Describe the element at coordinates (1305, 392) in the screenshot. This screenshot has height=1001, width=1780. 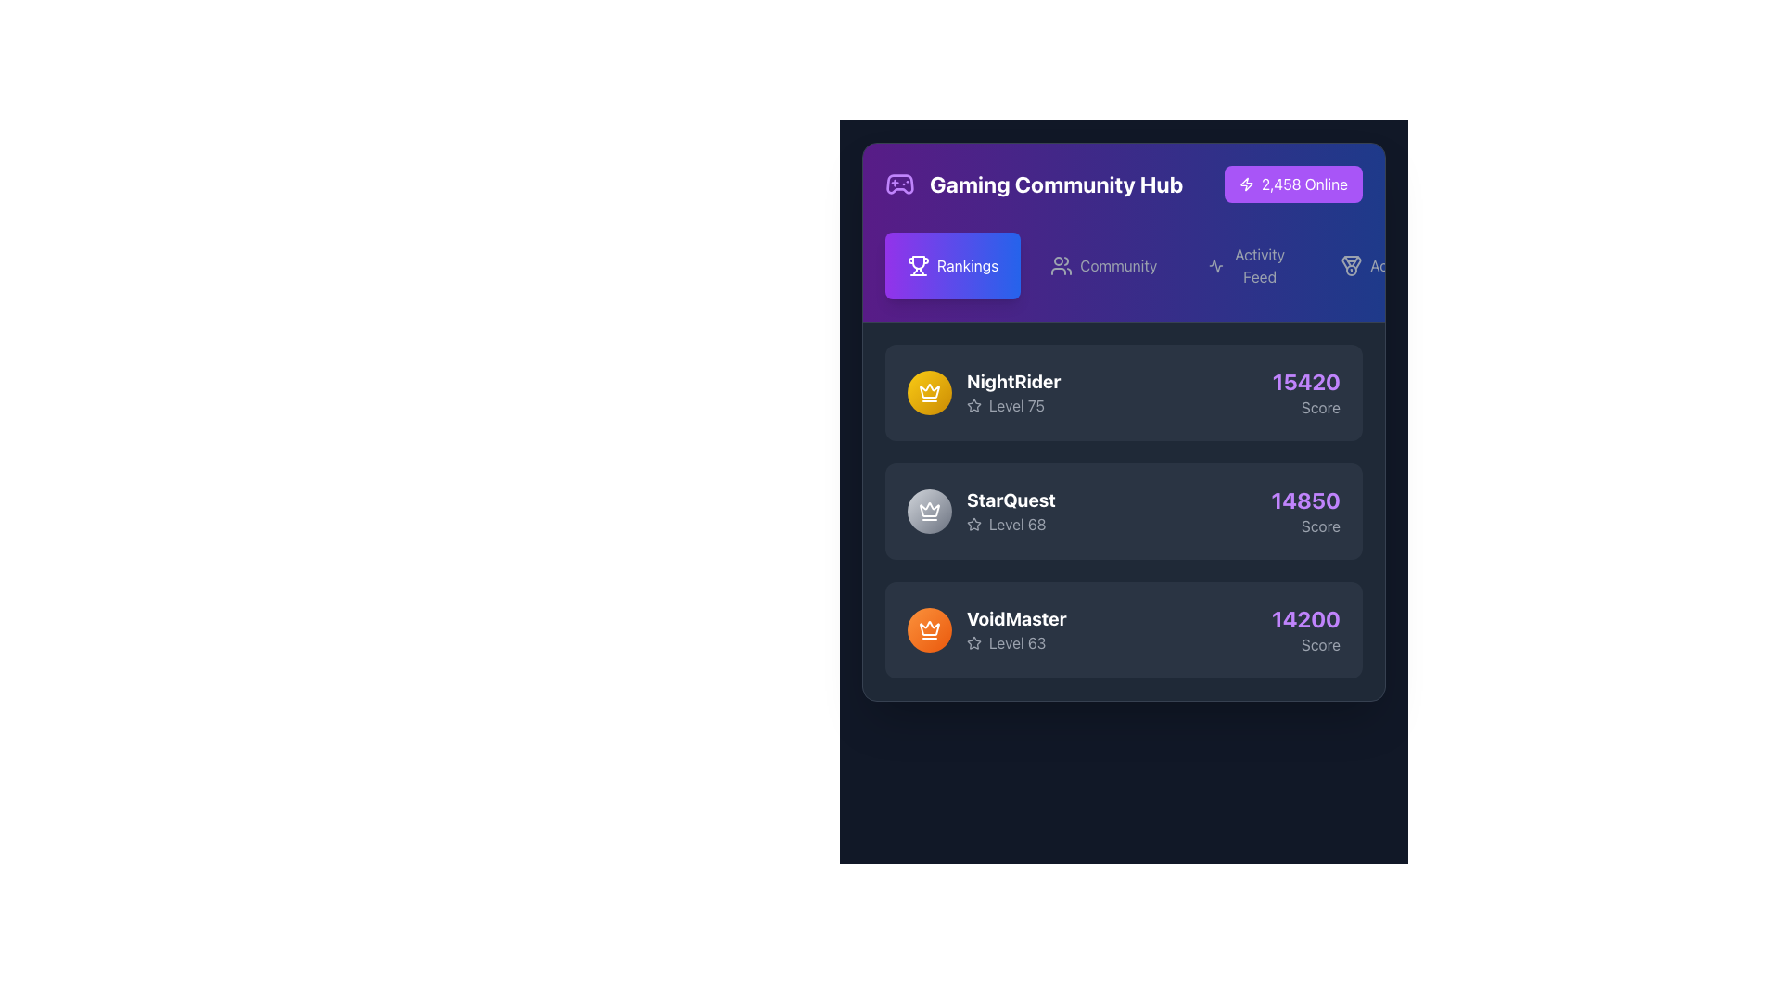
I see `the Text display showing the score '15420' and the word 'Score', located on the right side of the NightRider row in the leaderboard section` at that location.